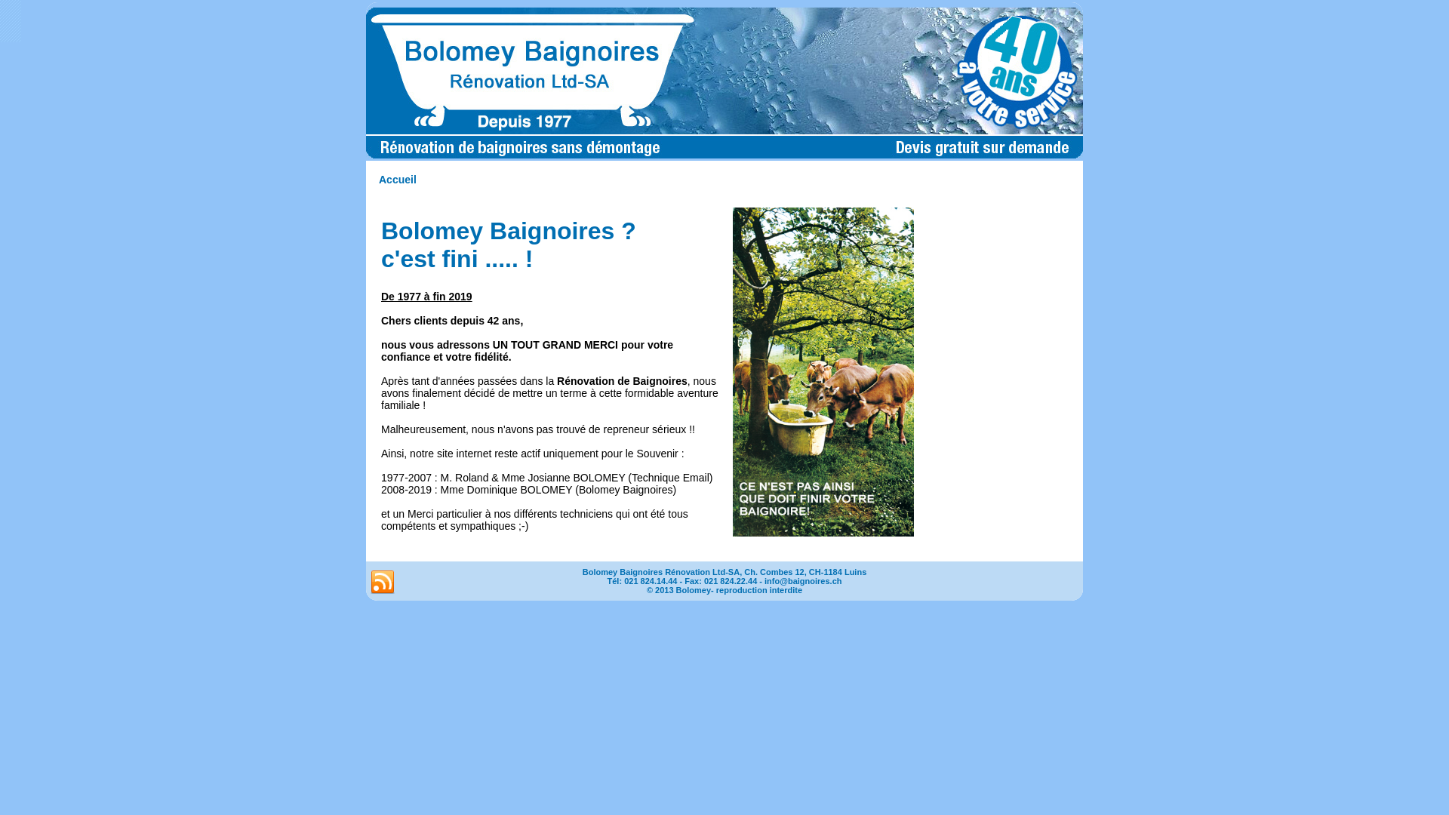 The width and height of the screenshot is (1449, 815). I want to click on 'RSS', so click(370, 581).